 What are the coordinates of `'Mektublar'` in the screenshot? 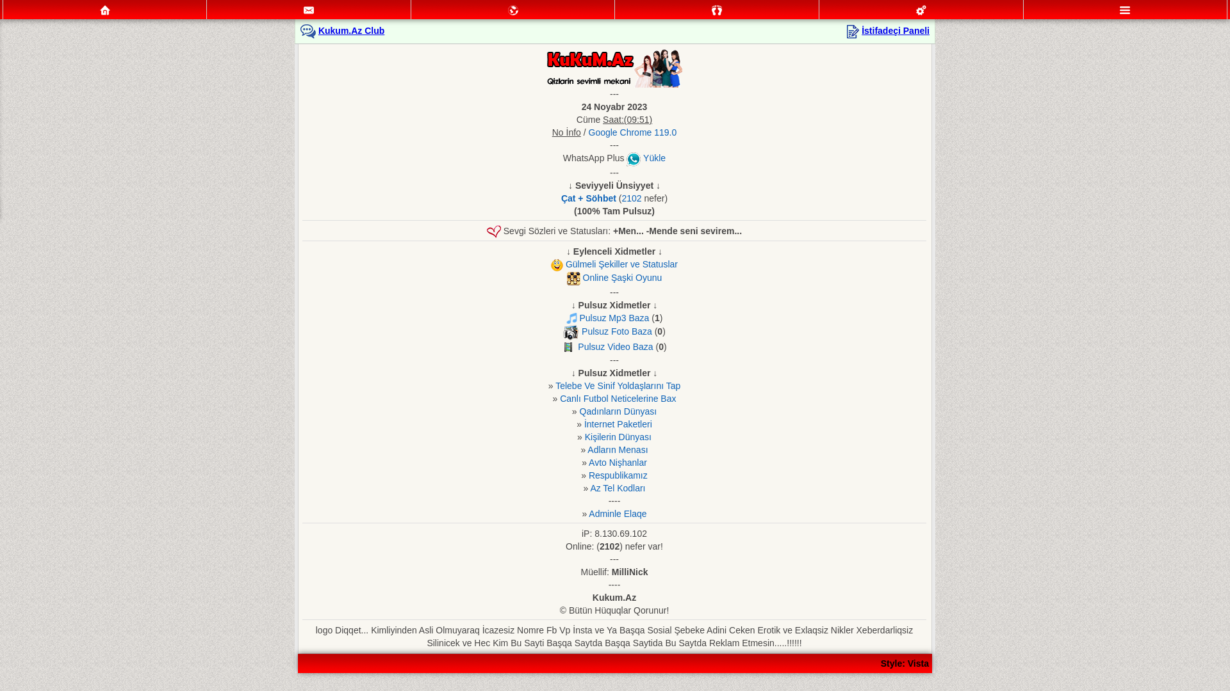 It's located at (513, 10).